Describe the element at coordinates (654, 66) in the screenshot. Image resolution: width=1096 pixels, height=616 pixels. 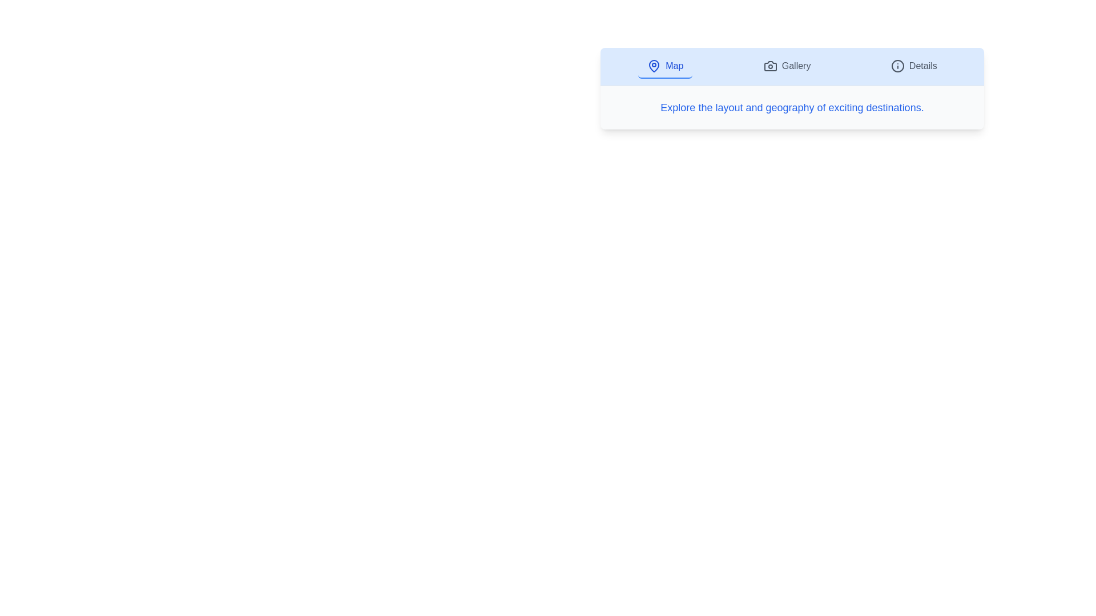
I see `the icon of the Map tab` at that location.